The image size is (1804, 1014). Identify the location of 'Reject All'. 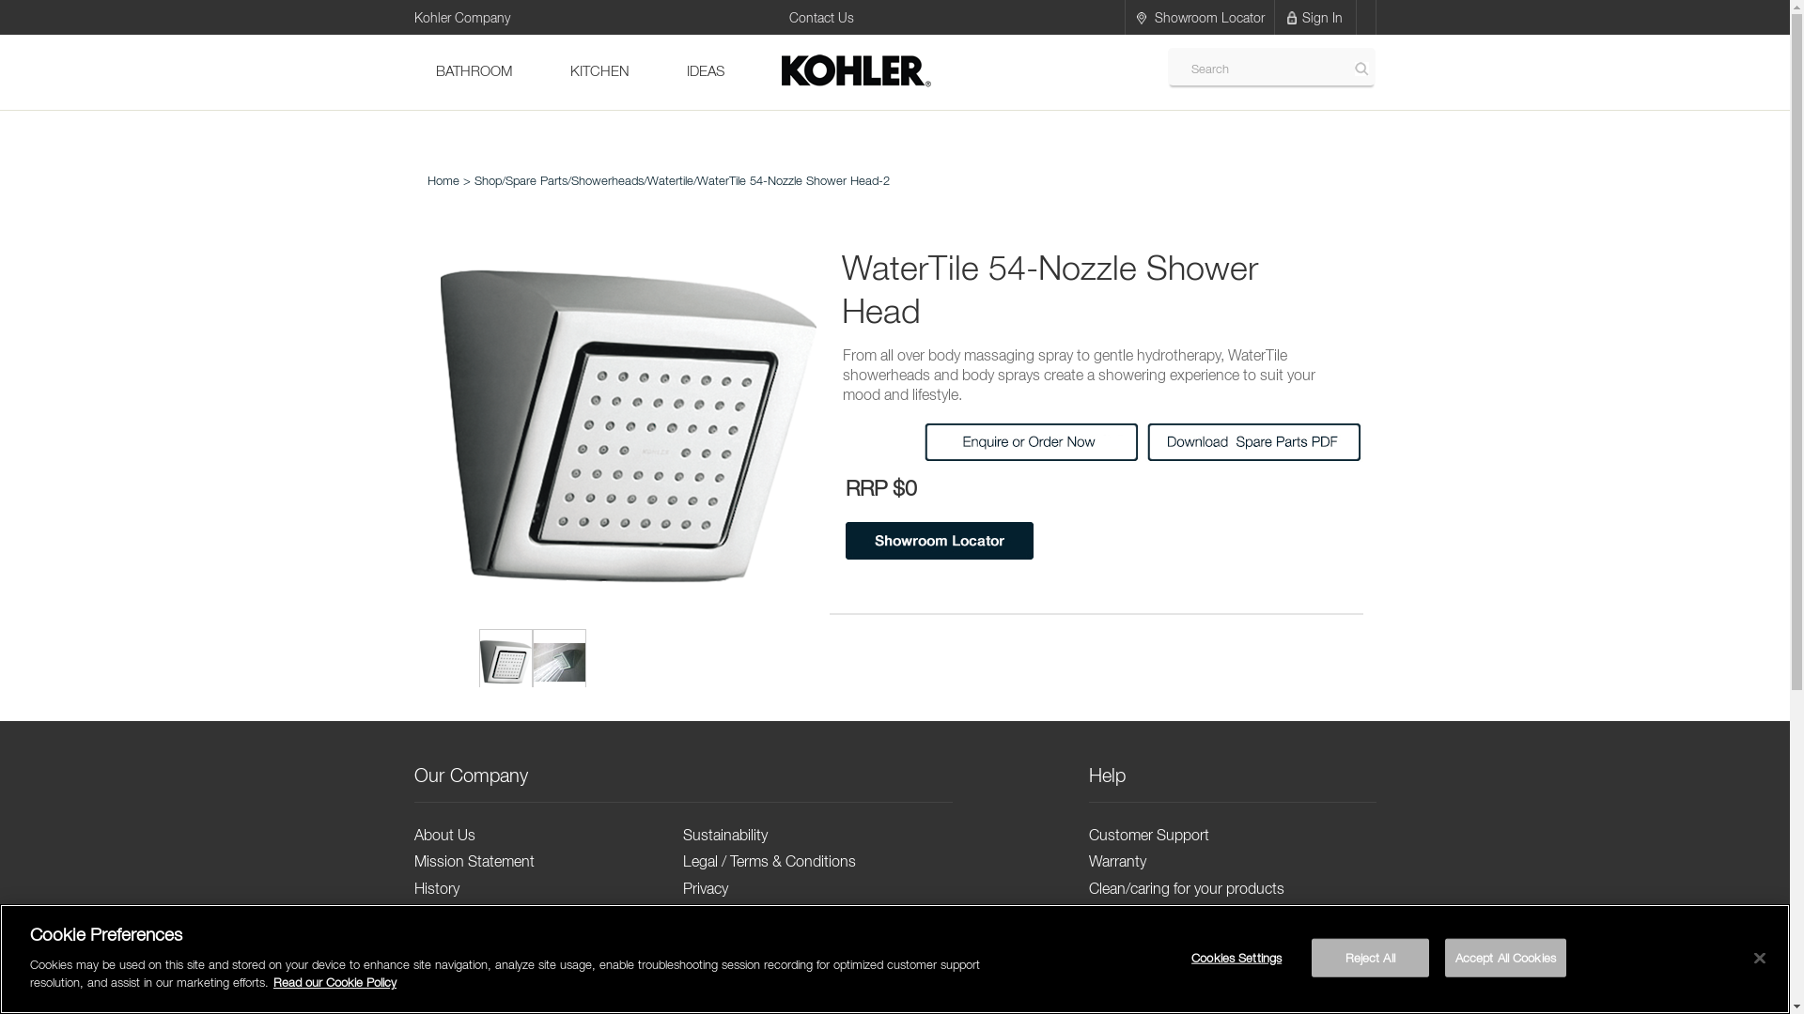
(1370, 957).